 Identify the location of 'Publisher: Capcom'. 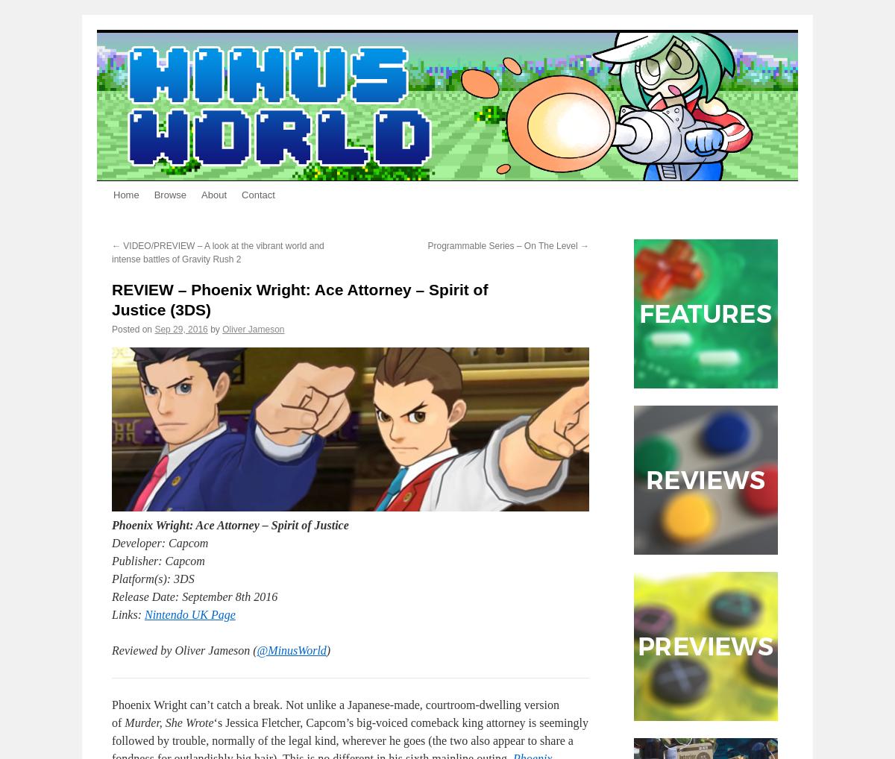
(157, 560).